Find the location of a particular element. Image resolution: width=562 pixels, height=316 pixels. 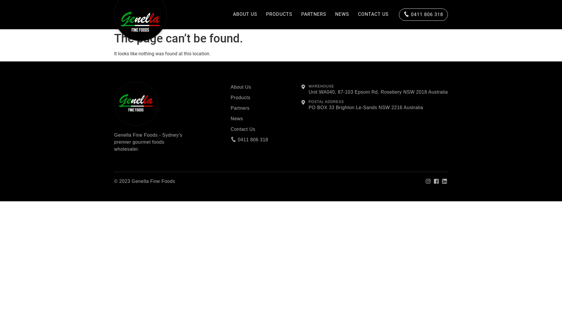

'PARTNERS' is located at coordinates (313, 14).